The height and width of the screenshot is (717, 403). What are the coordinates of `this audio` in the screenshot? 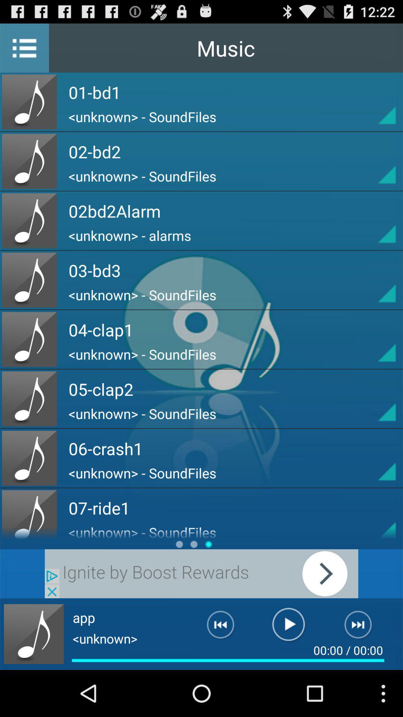 It's located at (374, 339).